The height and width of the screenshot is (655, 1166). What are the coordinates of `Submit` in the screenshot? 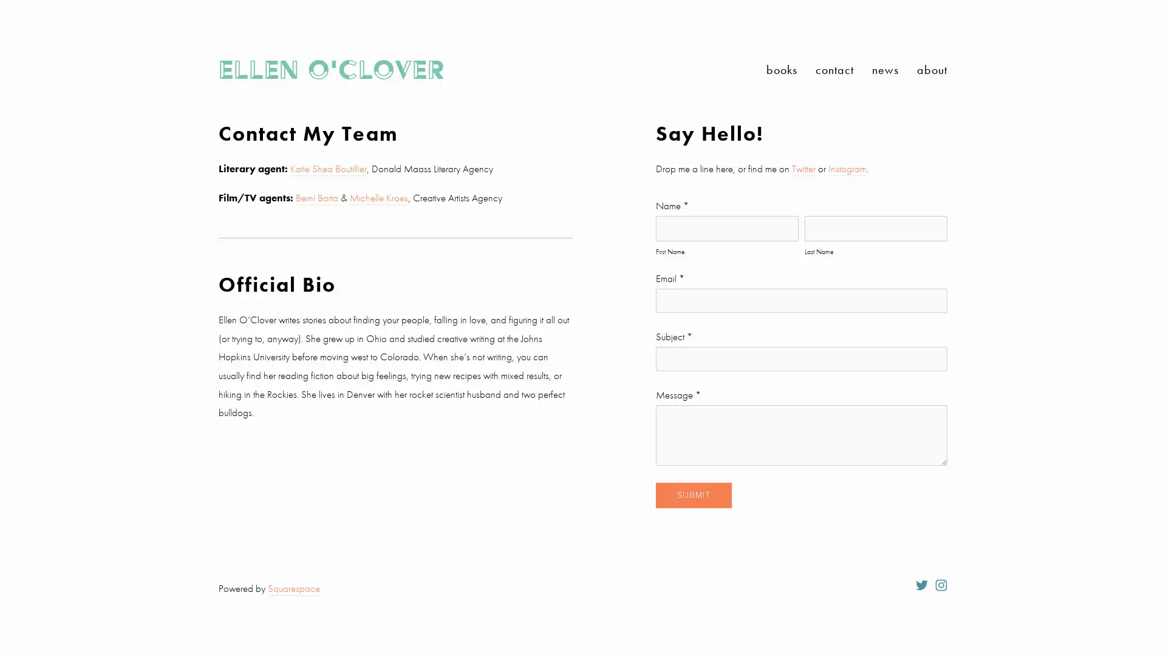 It's located at (693, 495).